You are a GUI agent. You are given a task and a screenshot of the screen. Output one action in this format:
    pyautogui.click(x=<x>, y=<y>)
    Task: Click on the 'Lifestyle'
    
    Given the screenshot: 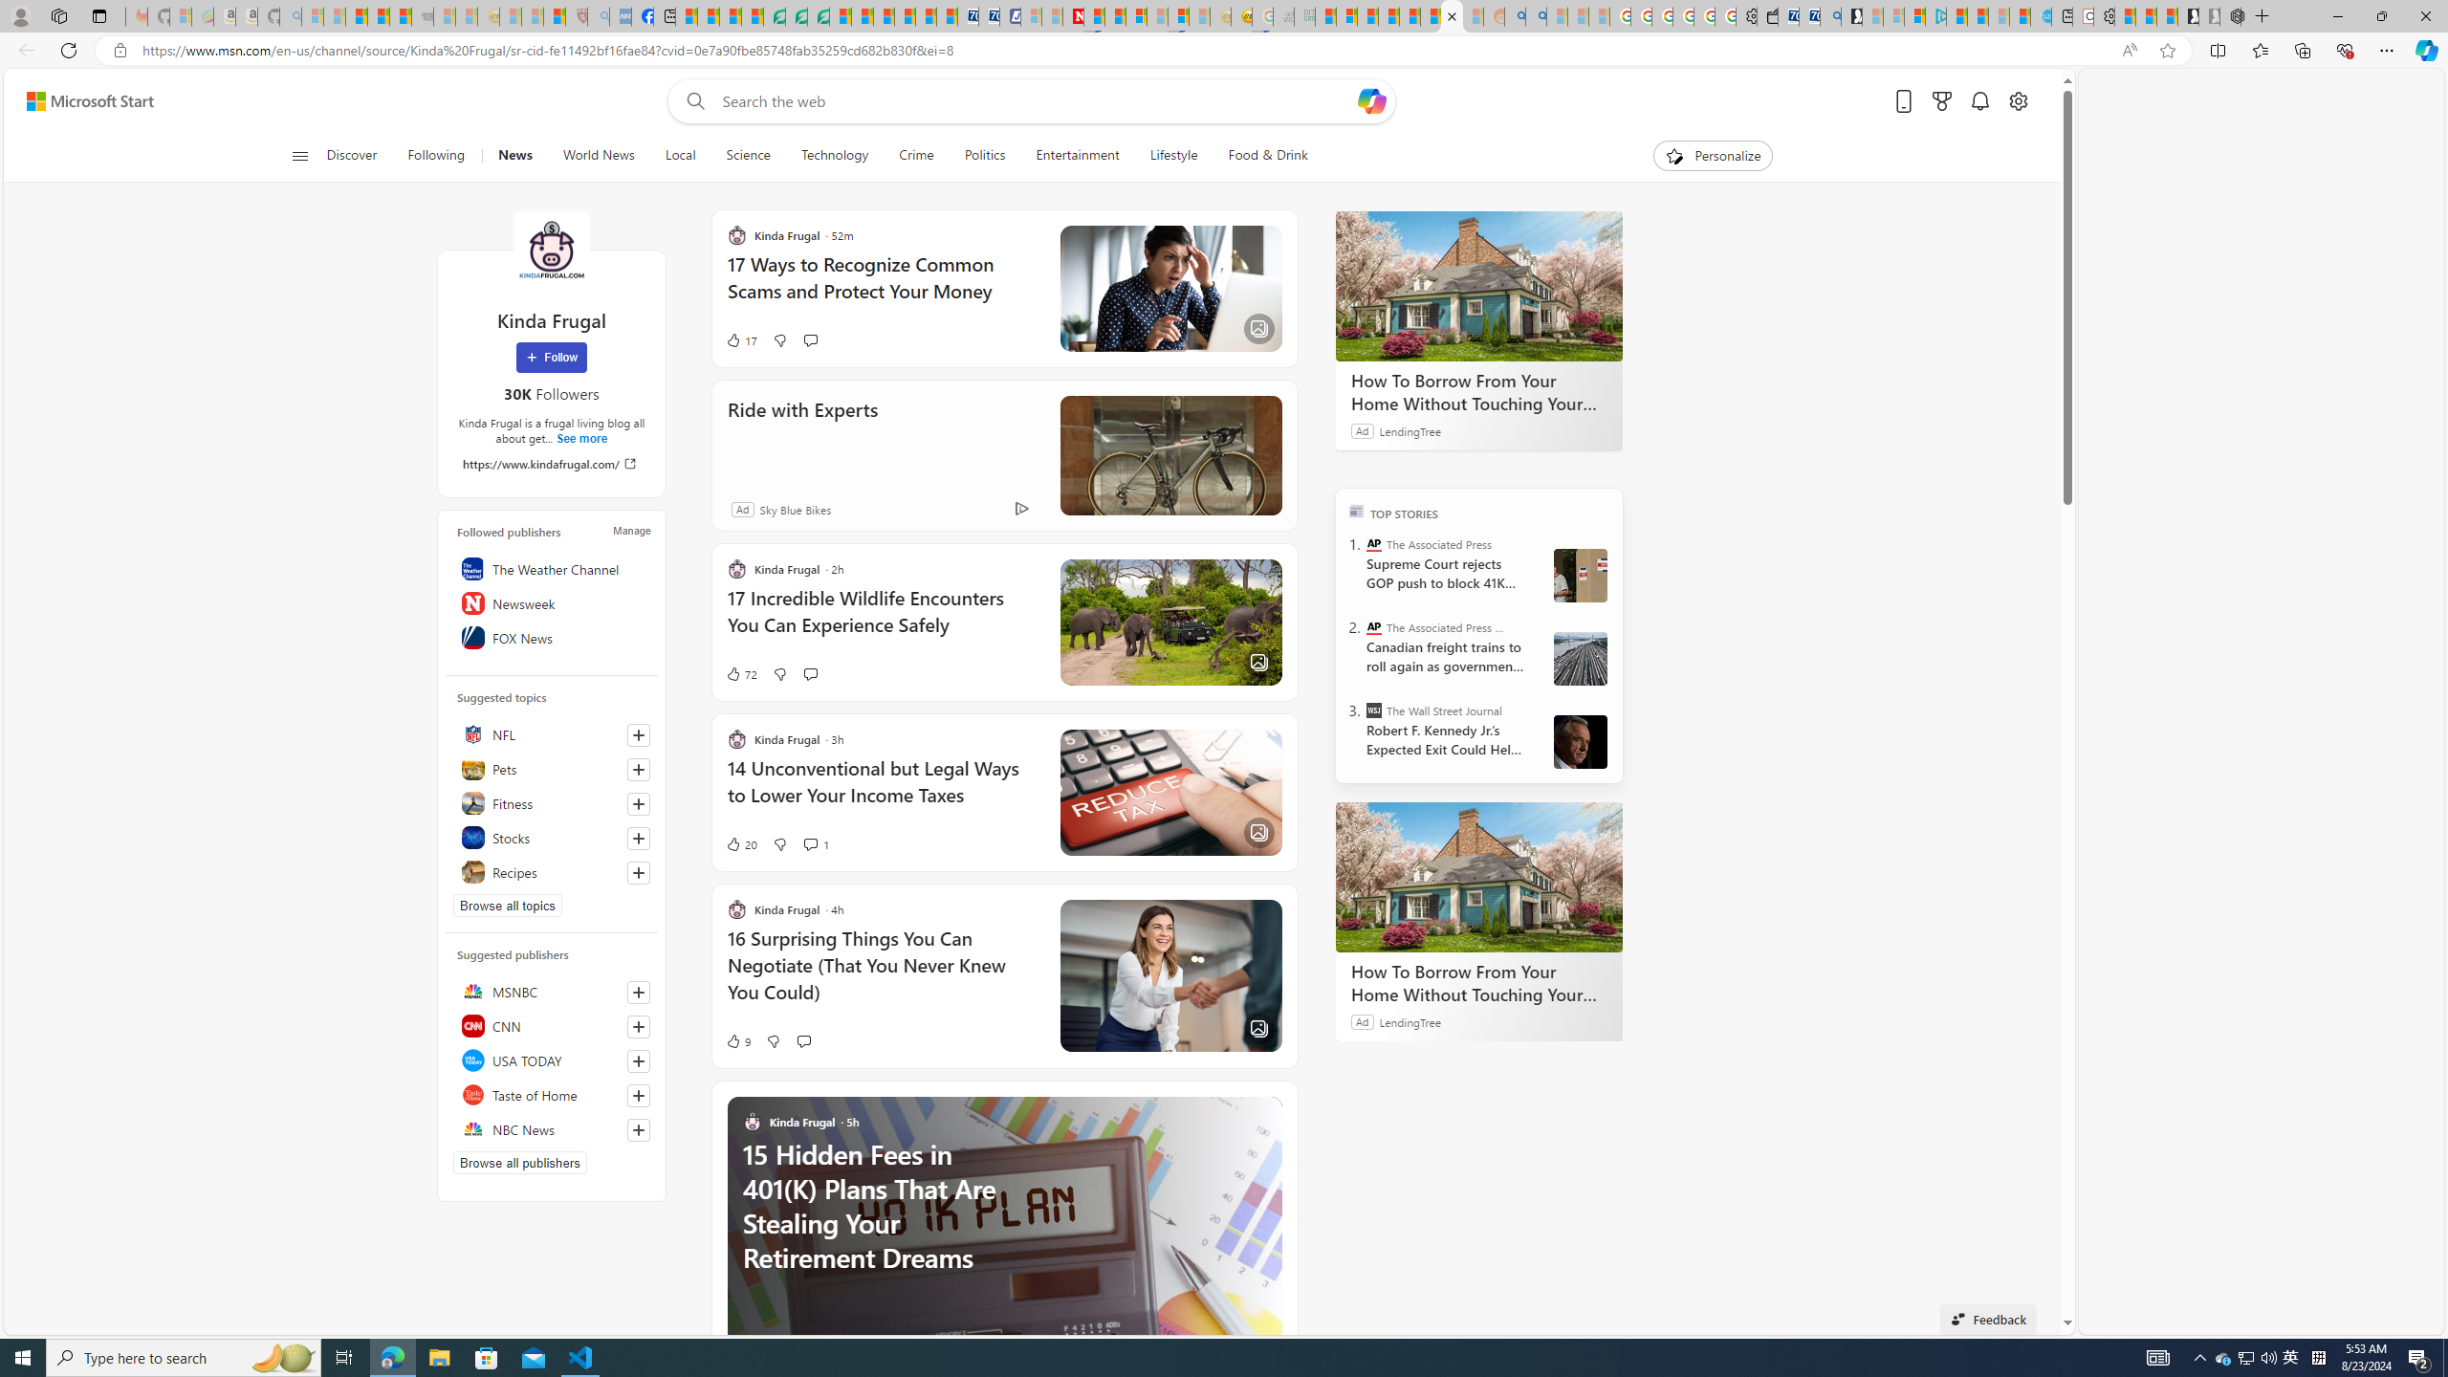 What is the action you would take?
    pyautogui.click(x=1173, y=155)
    